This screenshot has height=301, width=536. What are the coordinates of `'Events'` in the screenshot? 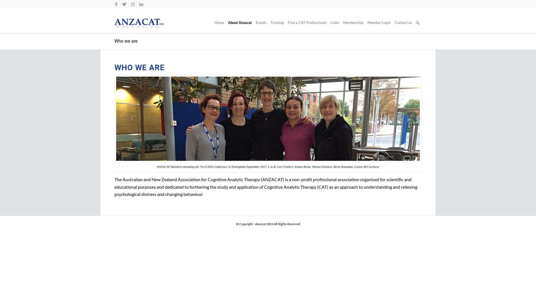 It's located at (261, 22).